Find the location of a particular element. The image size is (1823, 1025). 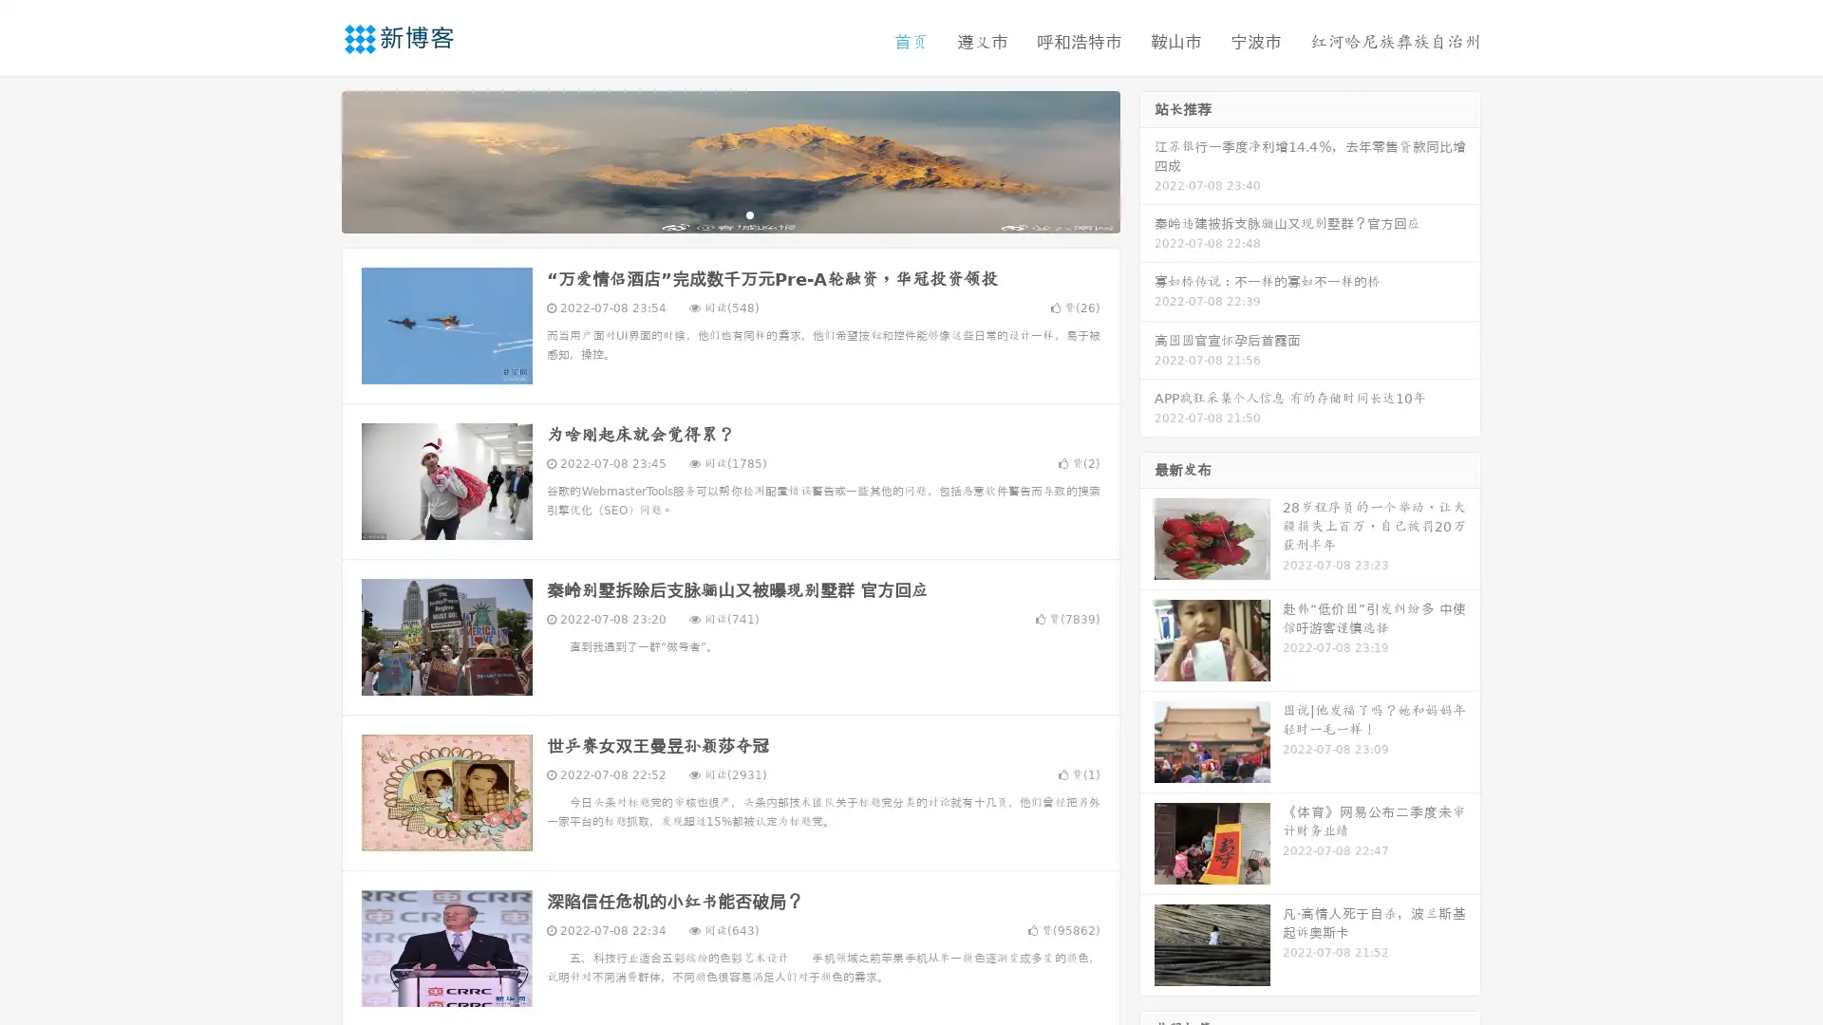

Go to slide 1 is located at coordinates (710, 214).